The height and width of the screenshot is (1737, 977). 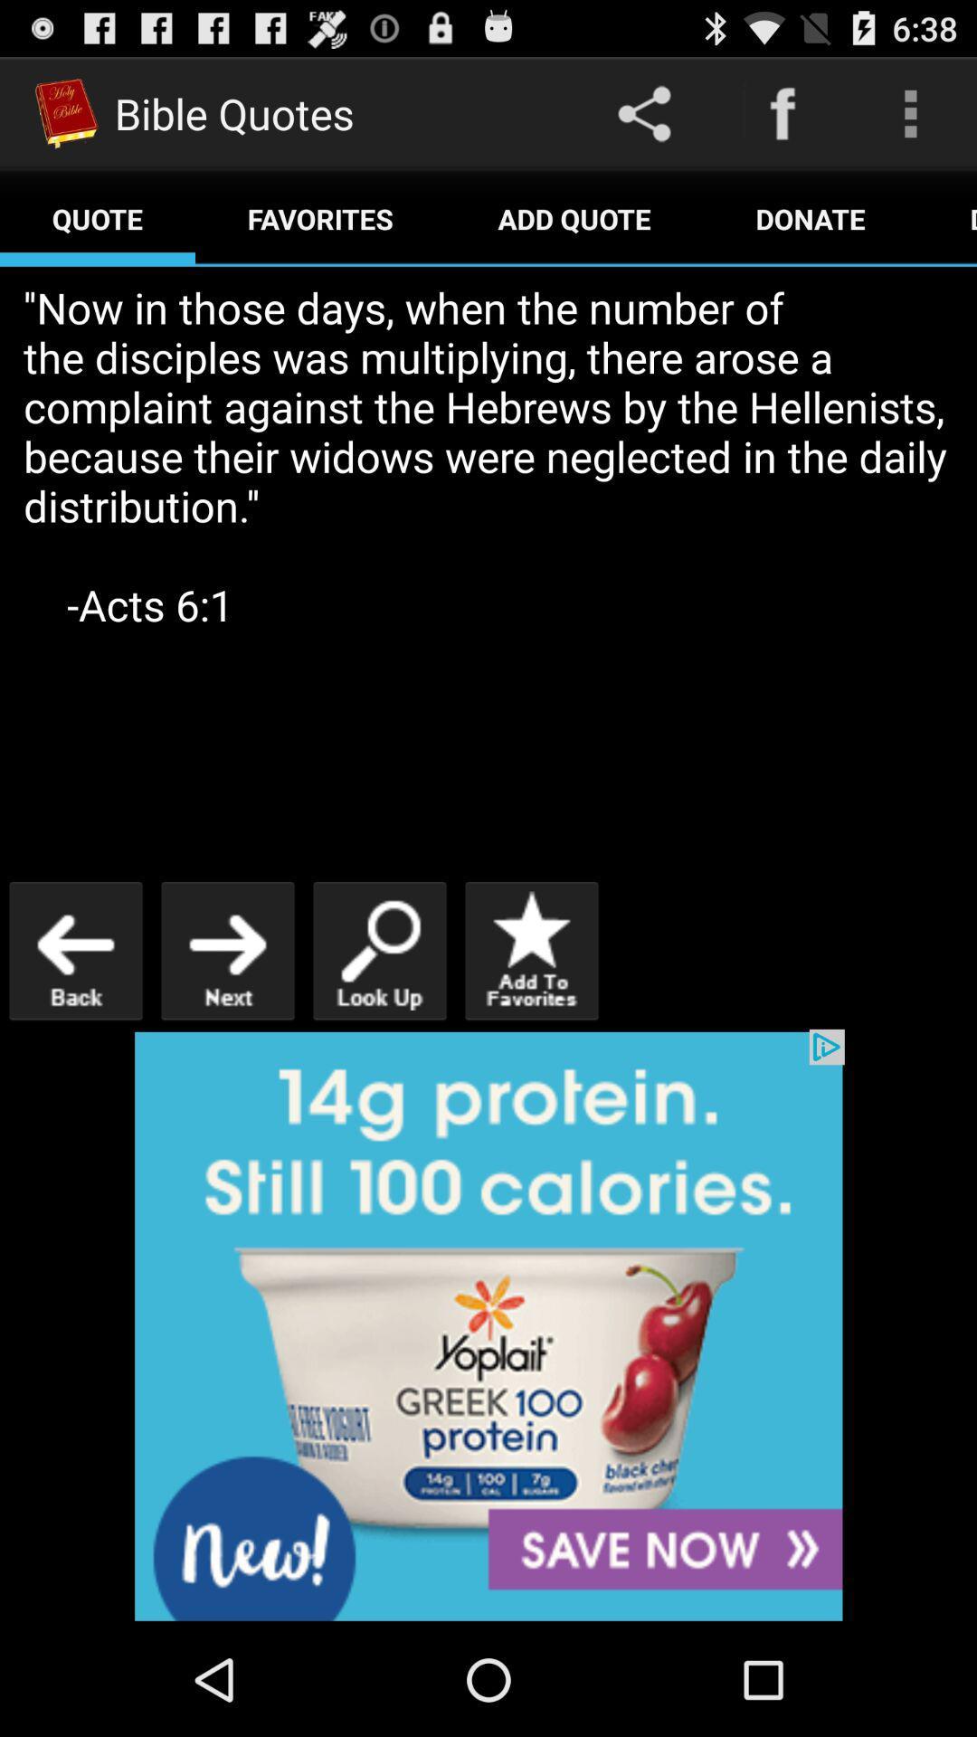 I want to click on back, so click(x=75, y=950).